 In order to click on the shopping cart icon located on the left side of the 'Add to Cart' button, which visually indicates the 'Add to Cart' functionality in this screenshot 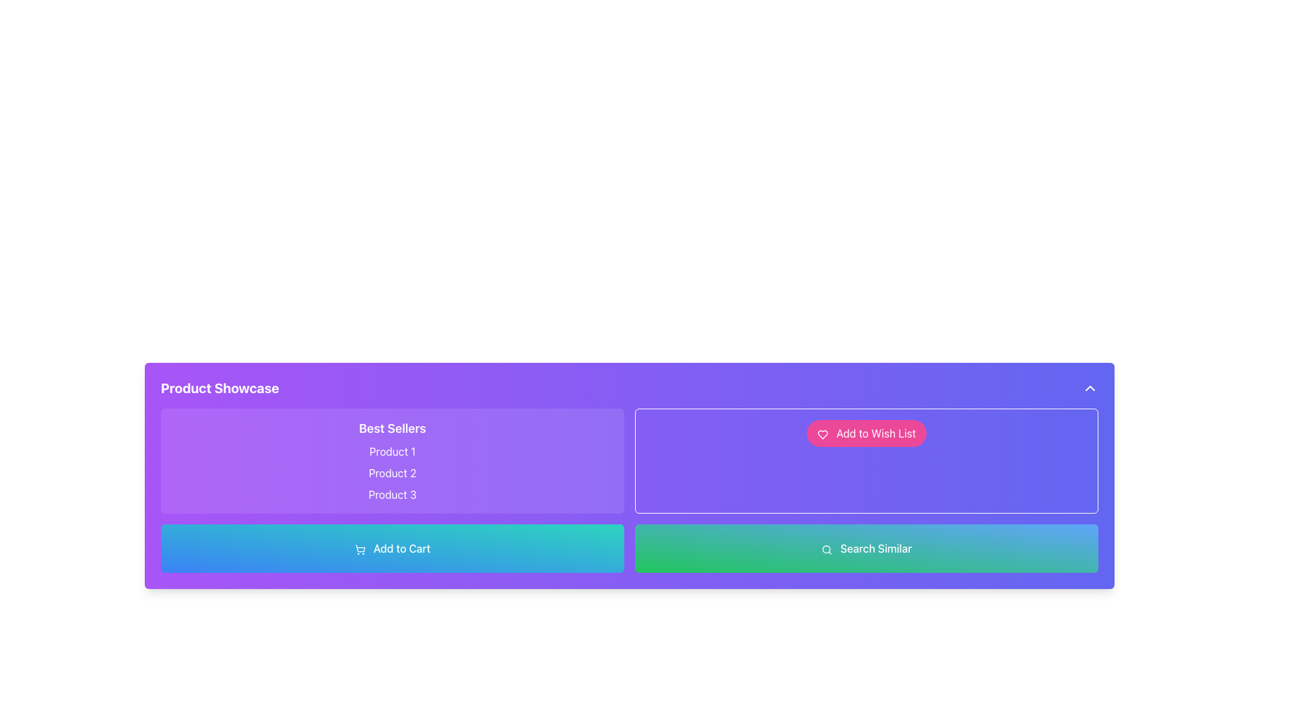, I will do `click(360, 549)`.